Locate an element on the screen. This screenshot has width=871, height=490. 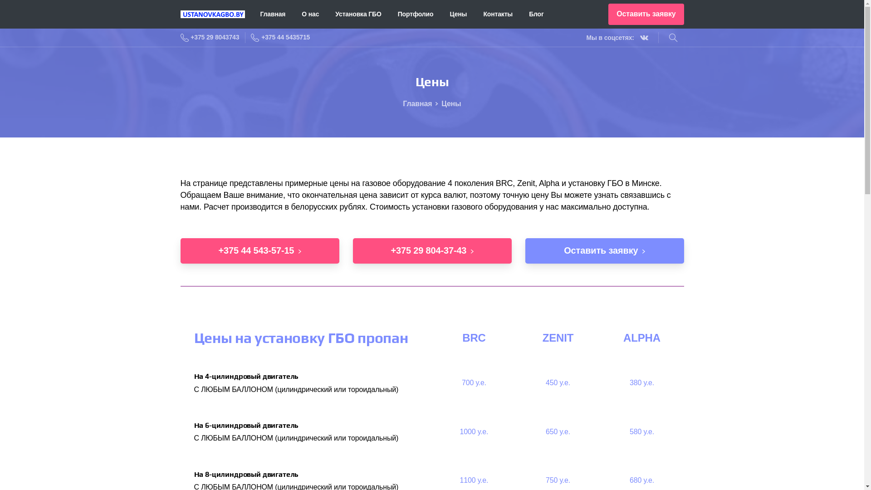
'+375 44 5435715' is located at coordinates (250, 37).